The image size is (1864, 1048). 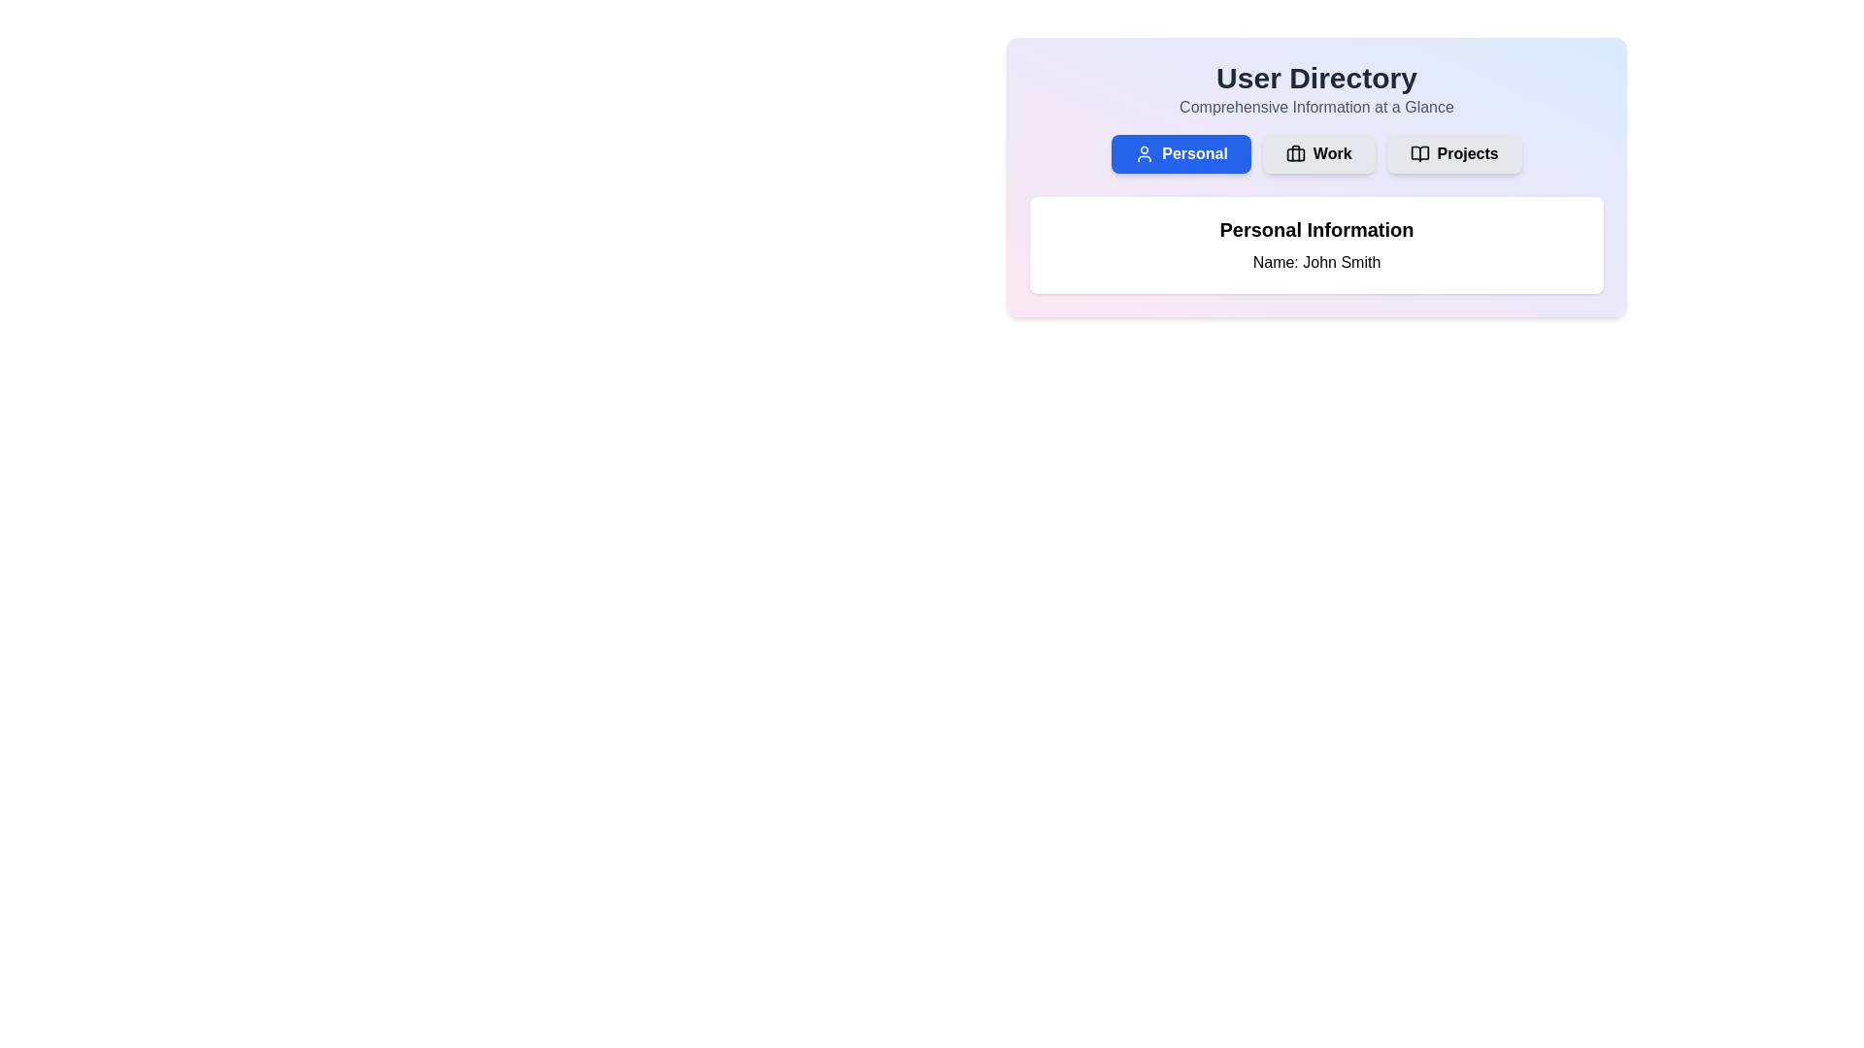 What do you see at coordinates (1316, 108) in the screenshot?
I see `the Text label that serves as a subheading or description for the 'User Directory' section, located beneath the 'User Directory' title` at bounding box center [1316, 108].